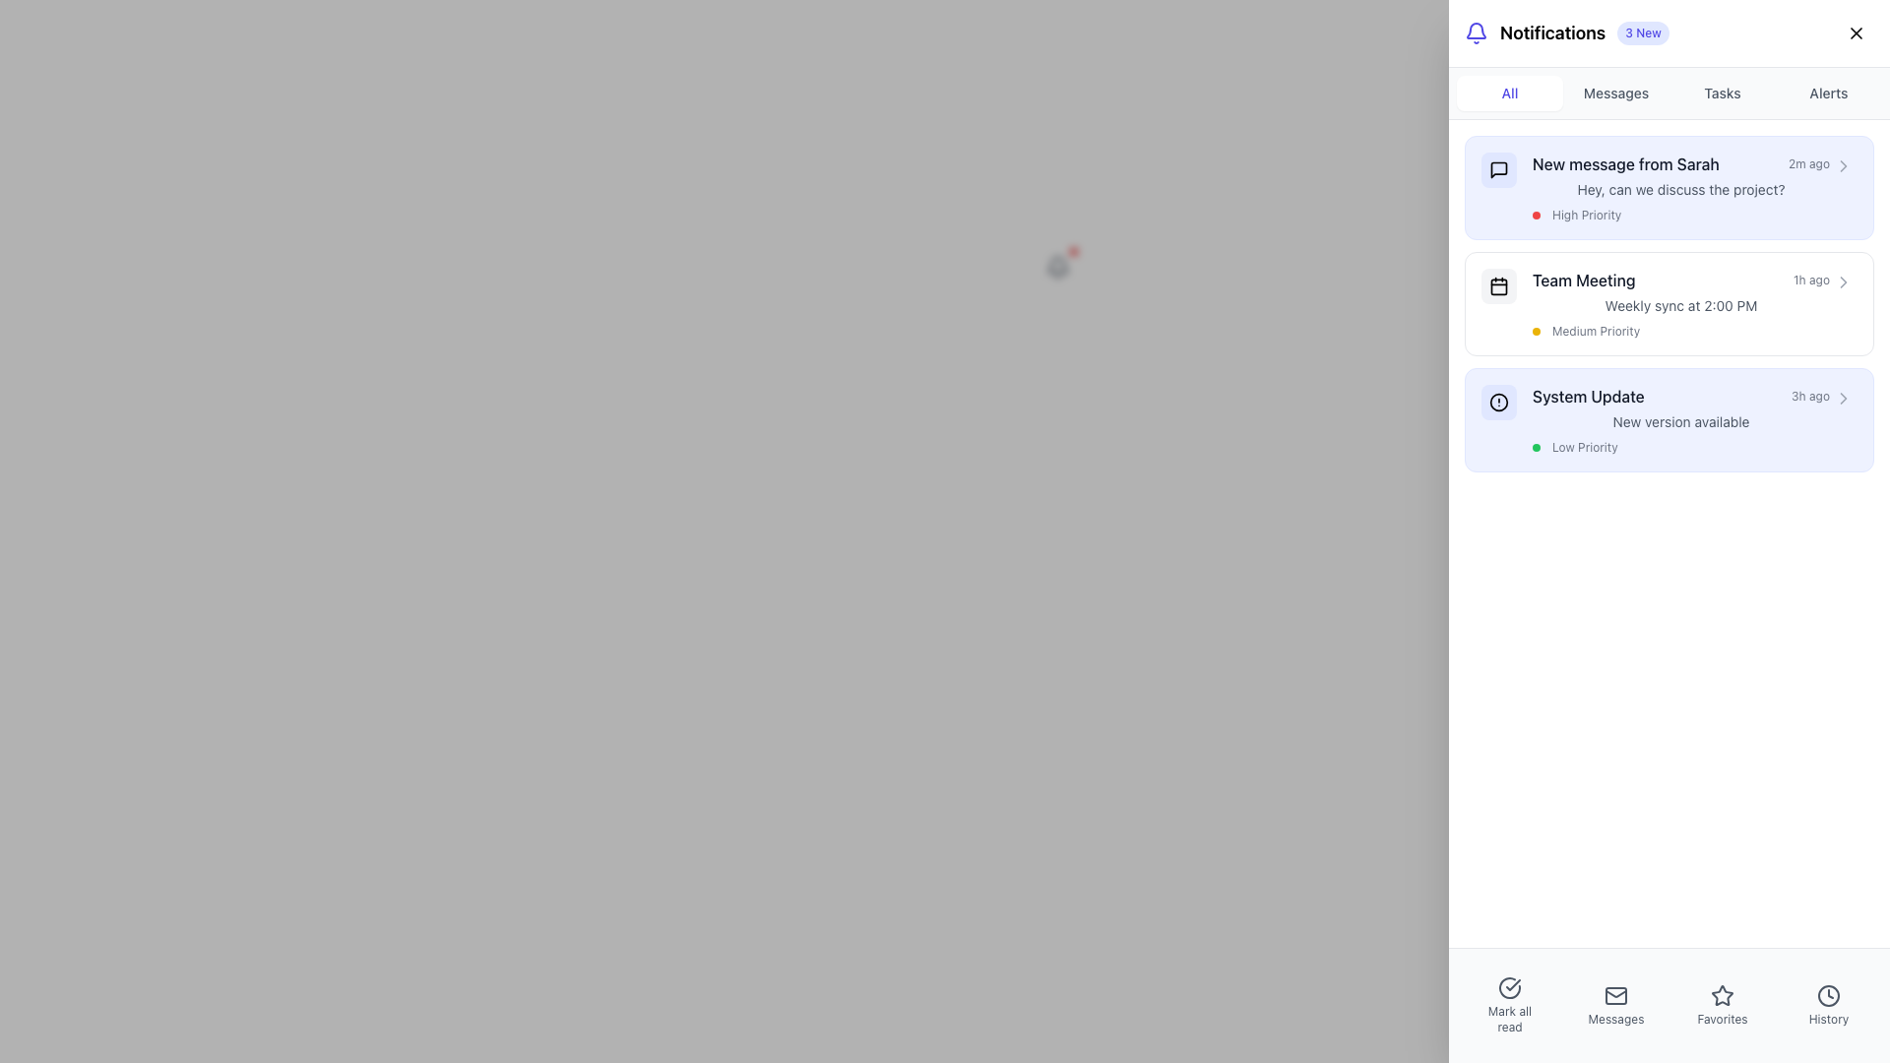 The image size is (1890, 1063). I want to click on the first notification card with the header 'New message from Sarah', so click(1668, 188).